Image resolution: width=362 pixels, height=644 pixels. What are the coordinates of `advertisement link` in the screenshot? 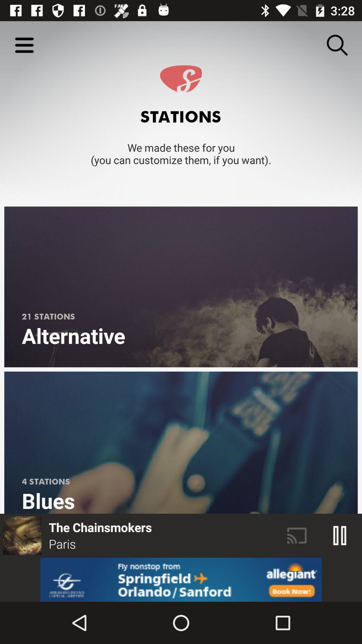 It's located at (181, 579).